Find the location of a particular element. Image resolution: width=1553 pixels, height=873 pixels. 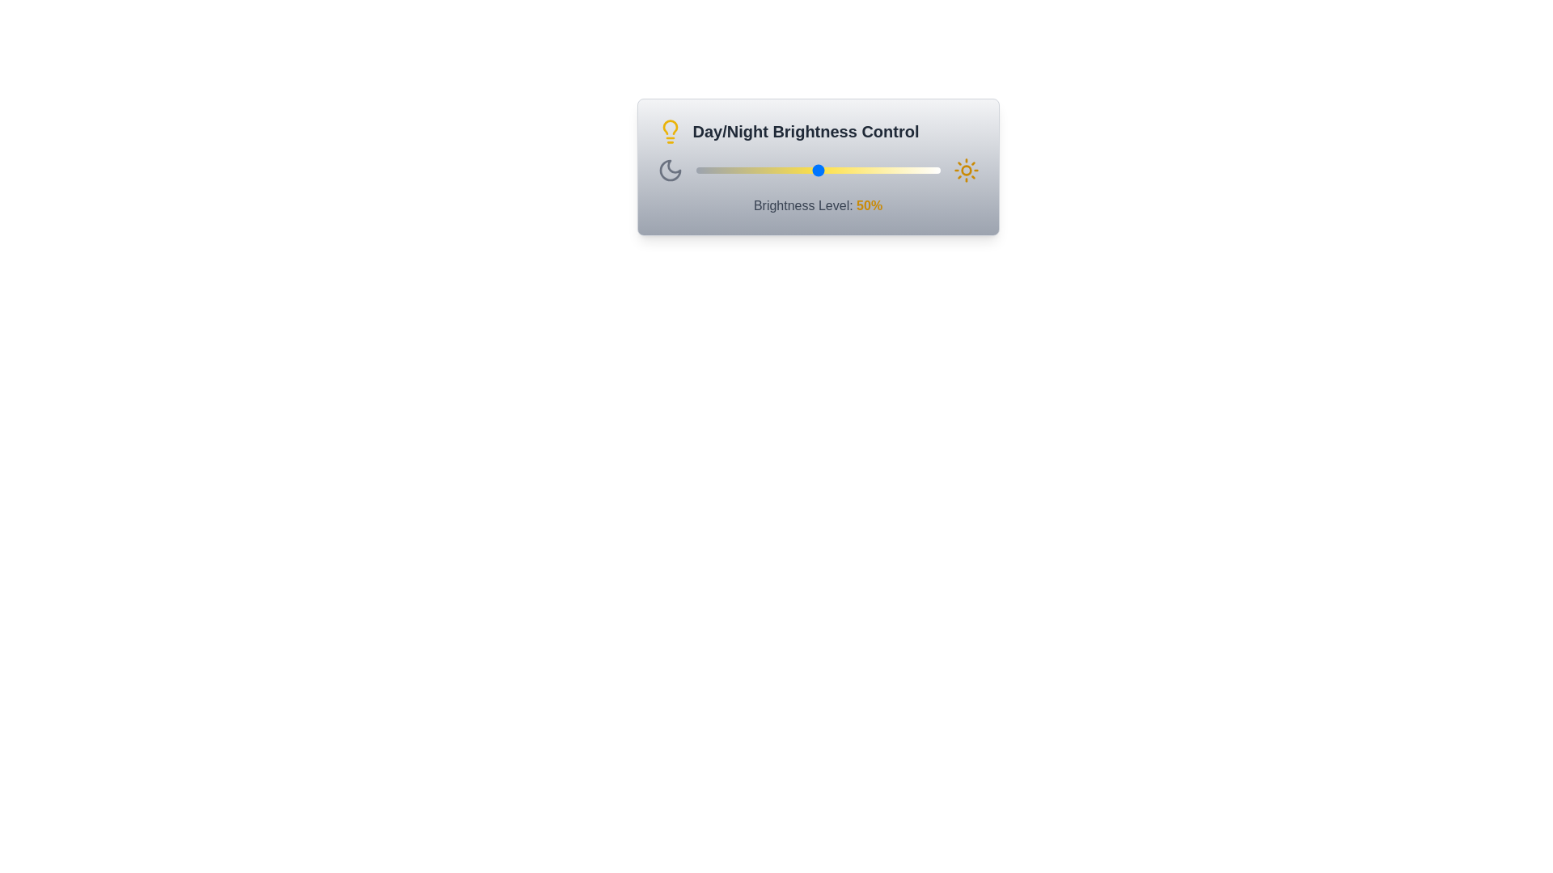

the Moon icon to toggle the brightness mode is located at coordinates (670, 171).